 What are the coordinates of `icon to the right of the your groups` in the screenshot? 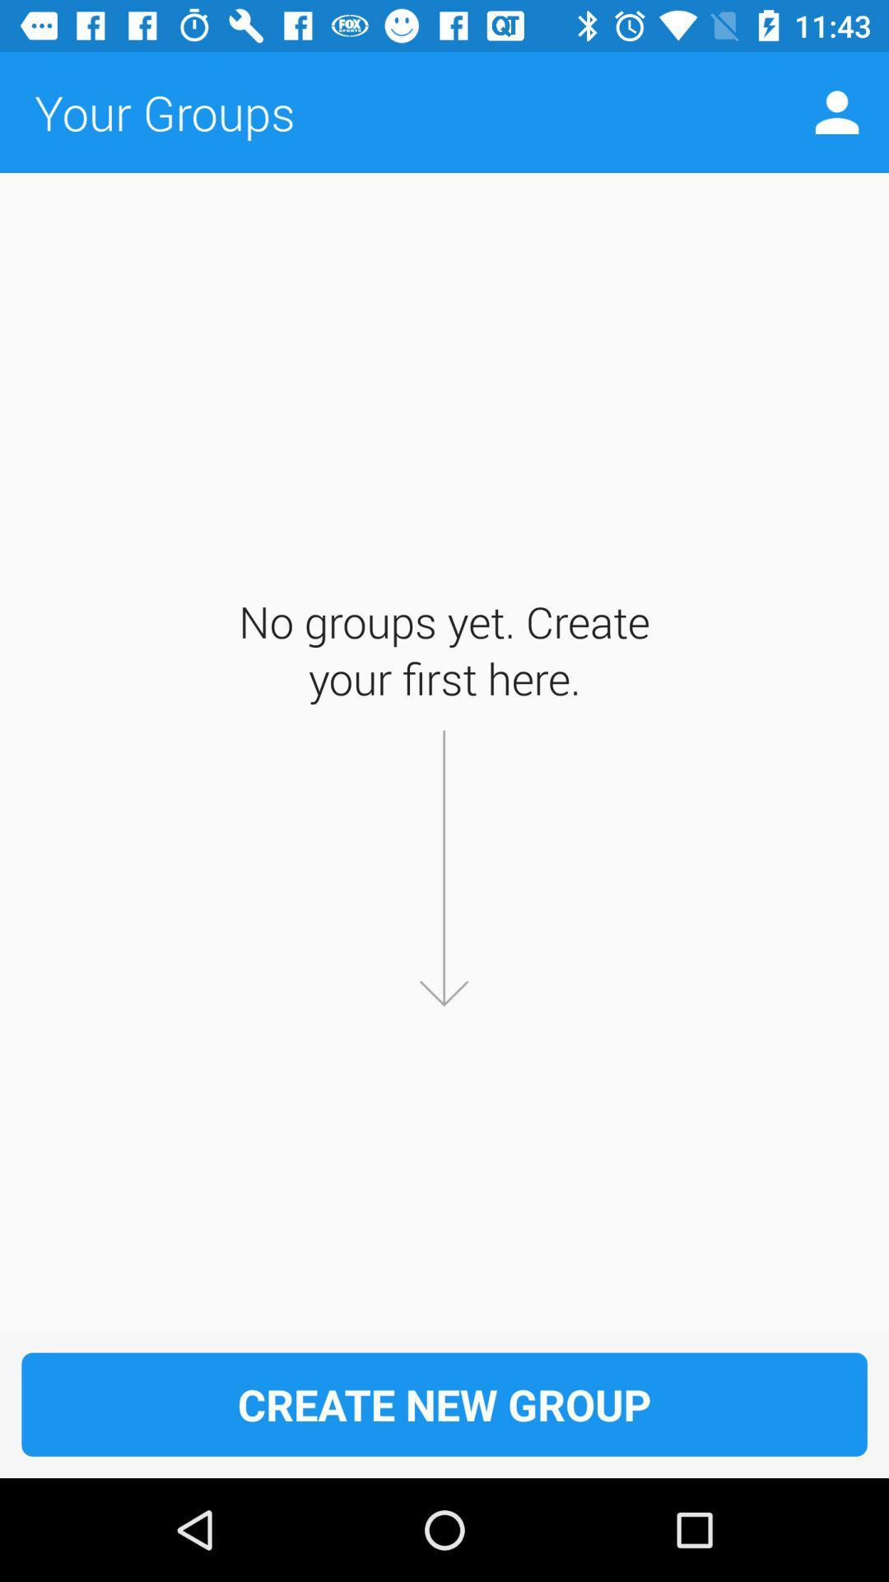 It's located at (837, 111).